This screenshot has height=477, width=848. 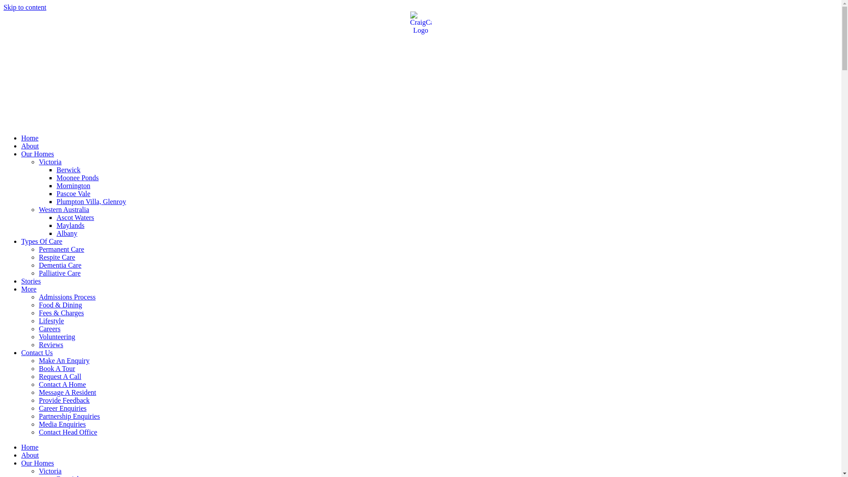 What do you see at coordinates (57, 368) in the screenshot?
I see `'Book A Tour'` at bounding box center [57, 368].